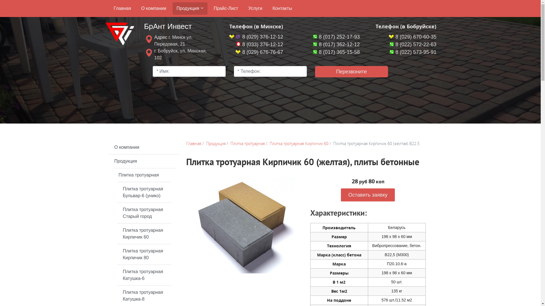 The width and height of the screenshot is (545, 306). Describe the element at coordinates (336, 37) in the screenshot. I see `'8 (017) 252-17-93'` at that location.